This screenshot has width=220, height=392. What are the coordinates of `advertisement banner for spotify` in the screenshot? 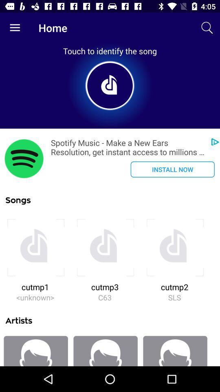 It's located at (24, 158).